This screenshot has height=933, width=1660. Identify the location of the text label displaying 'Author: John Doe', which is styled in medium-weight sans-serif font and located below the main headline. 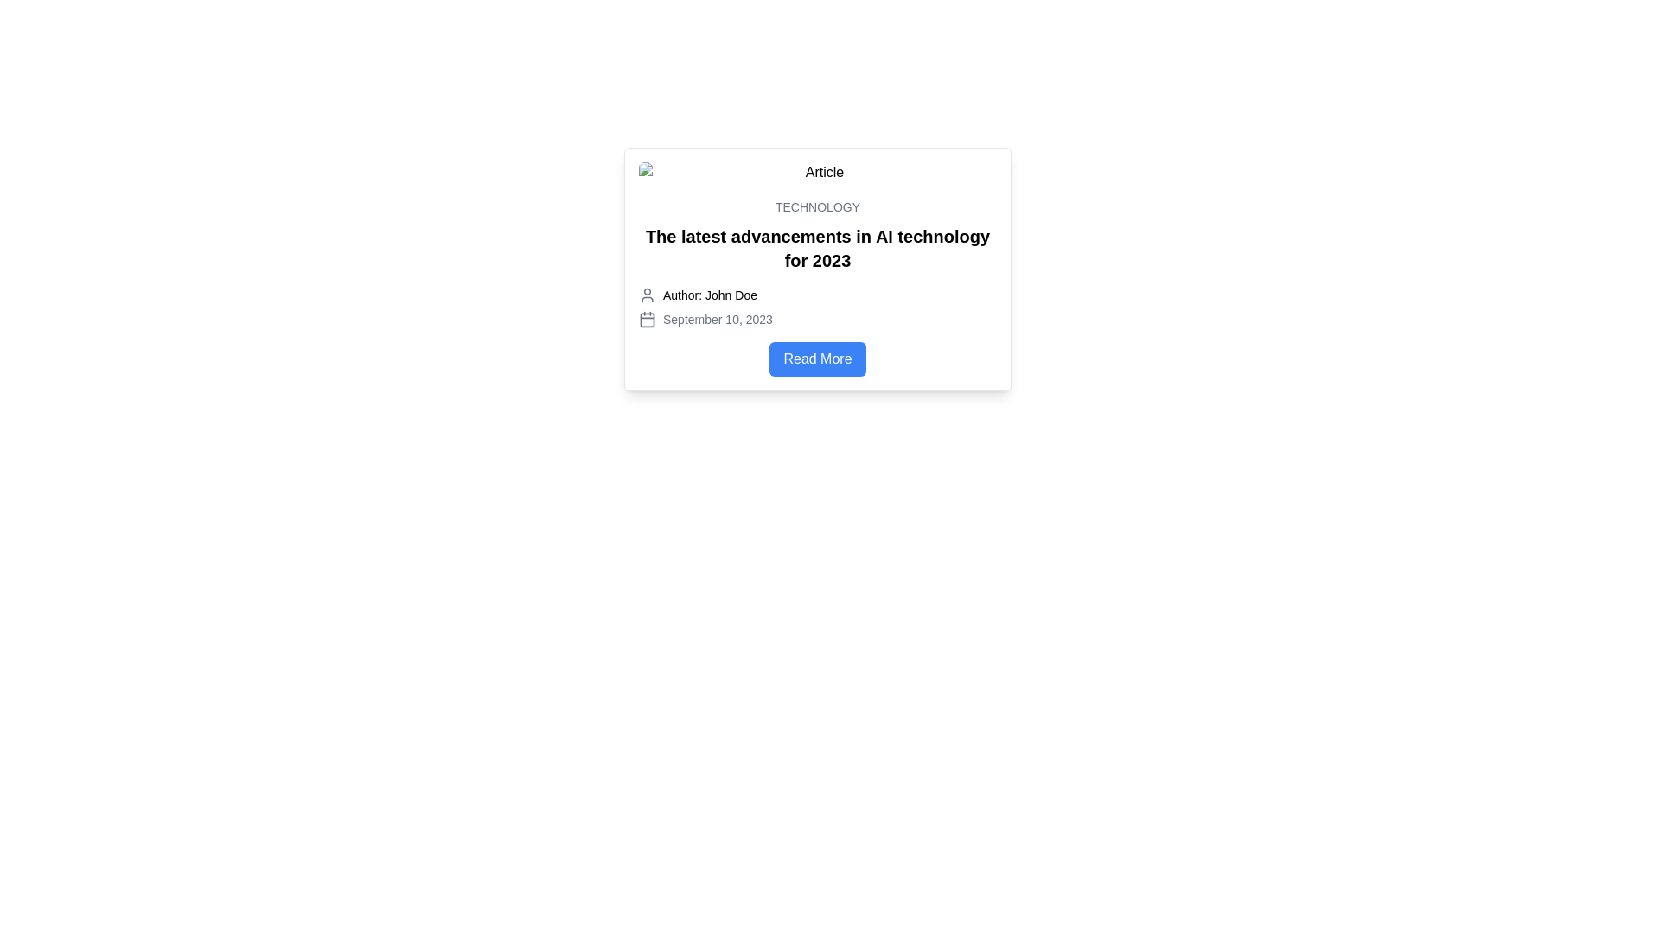
(710, 295).